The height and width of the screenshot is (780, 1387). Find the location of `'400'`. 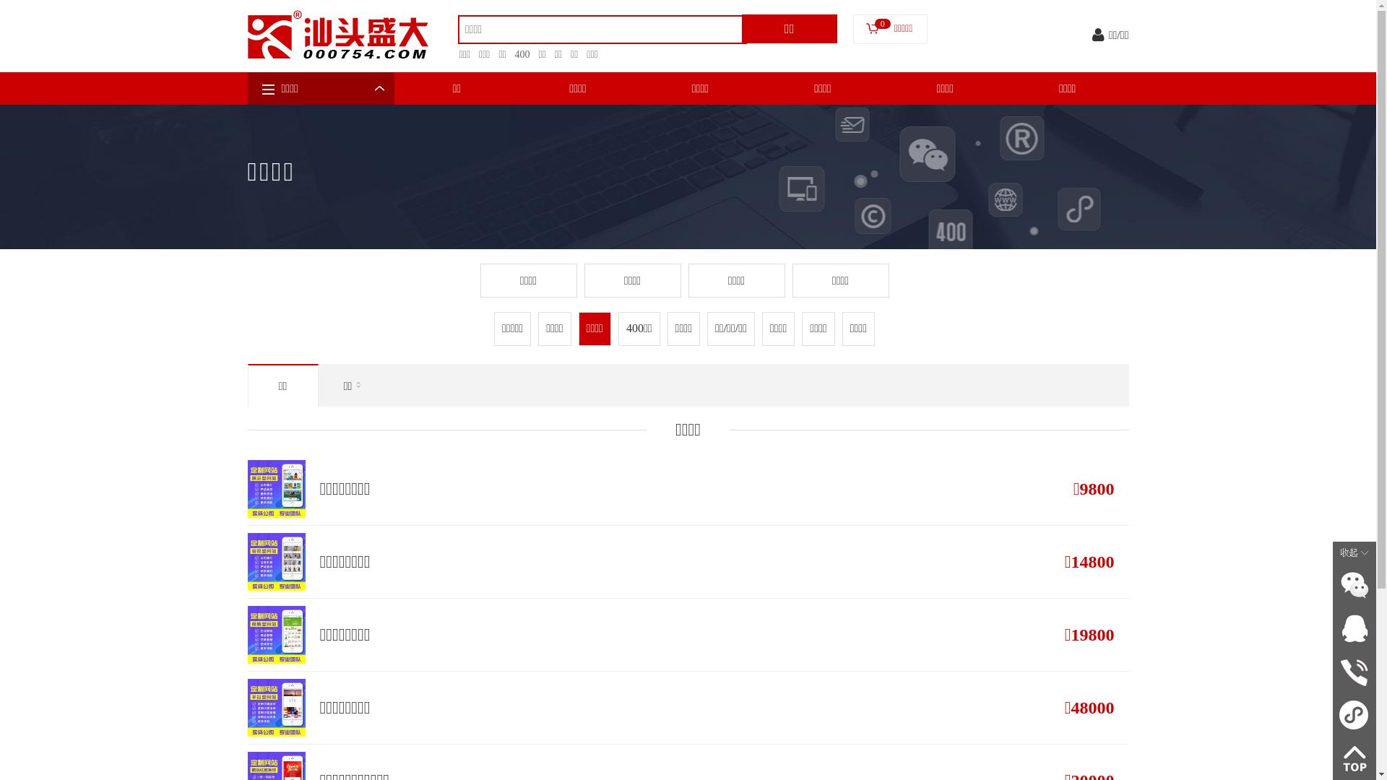

'400' is located at coordinates (518, 54).